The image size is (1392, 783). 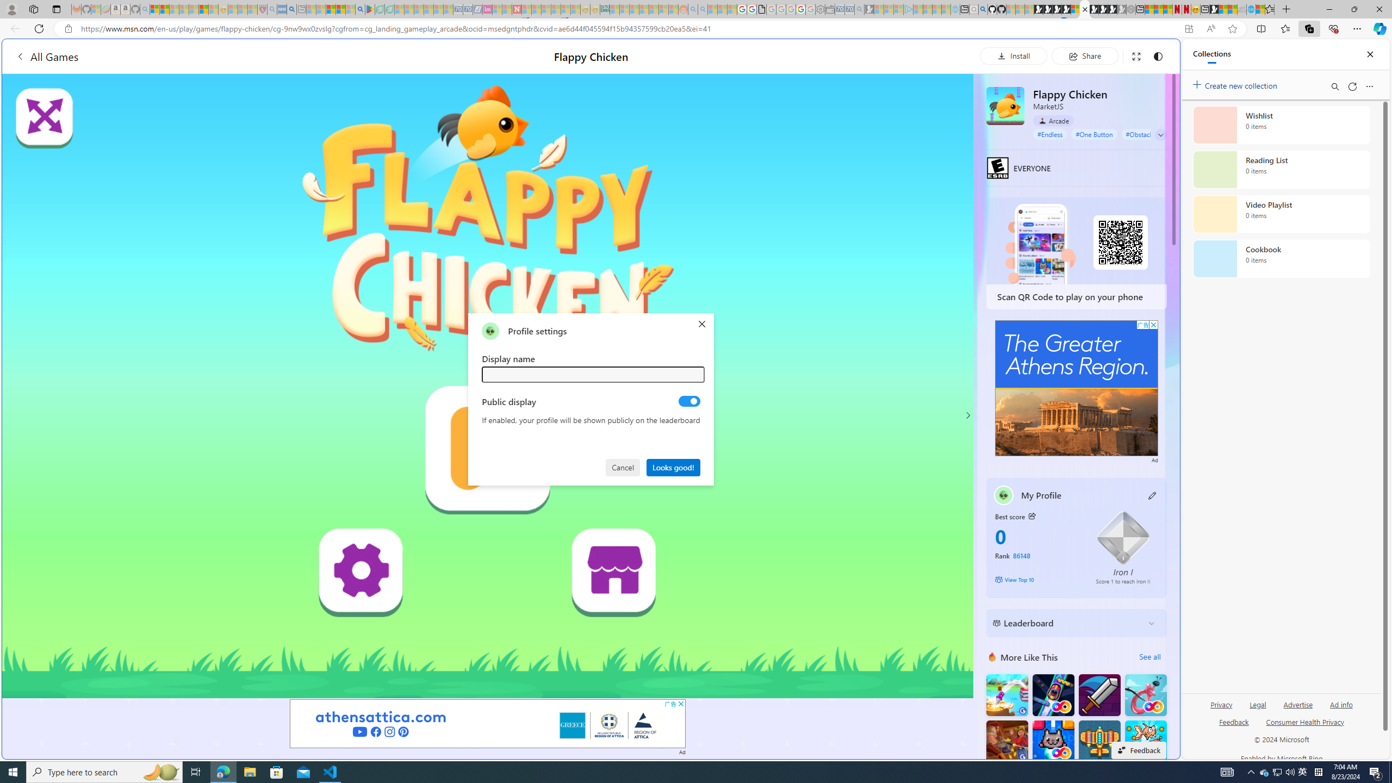 I want to click on 'Wishlist collection, 0 items', so click(x=1281, y=125).